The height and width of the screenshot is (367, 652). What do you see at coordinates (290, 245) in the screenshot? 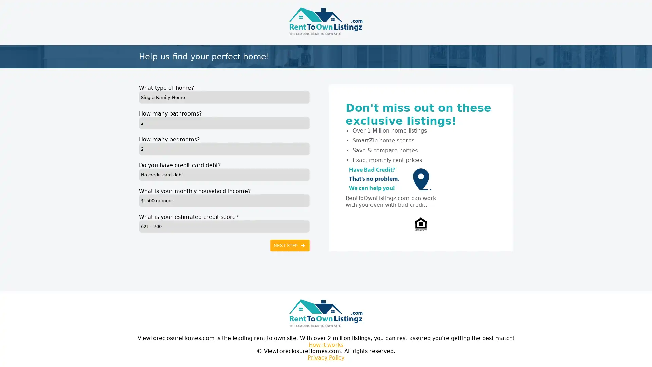
I see `NEXT STEP` at bounding box center [290, 245].